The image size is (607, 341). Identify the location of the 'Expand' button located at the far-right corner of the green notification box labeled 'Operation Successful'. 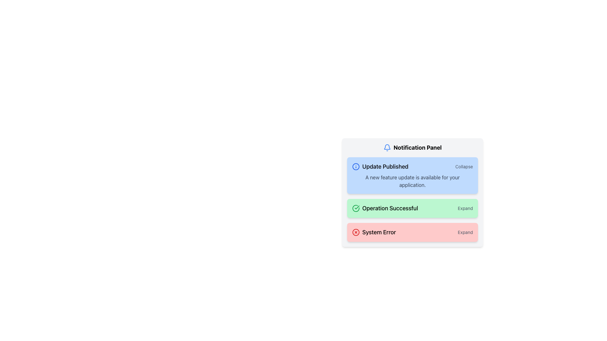
(465, 208).